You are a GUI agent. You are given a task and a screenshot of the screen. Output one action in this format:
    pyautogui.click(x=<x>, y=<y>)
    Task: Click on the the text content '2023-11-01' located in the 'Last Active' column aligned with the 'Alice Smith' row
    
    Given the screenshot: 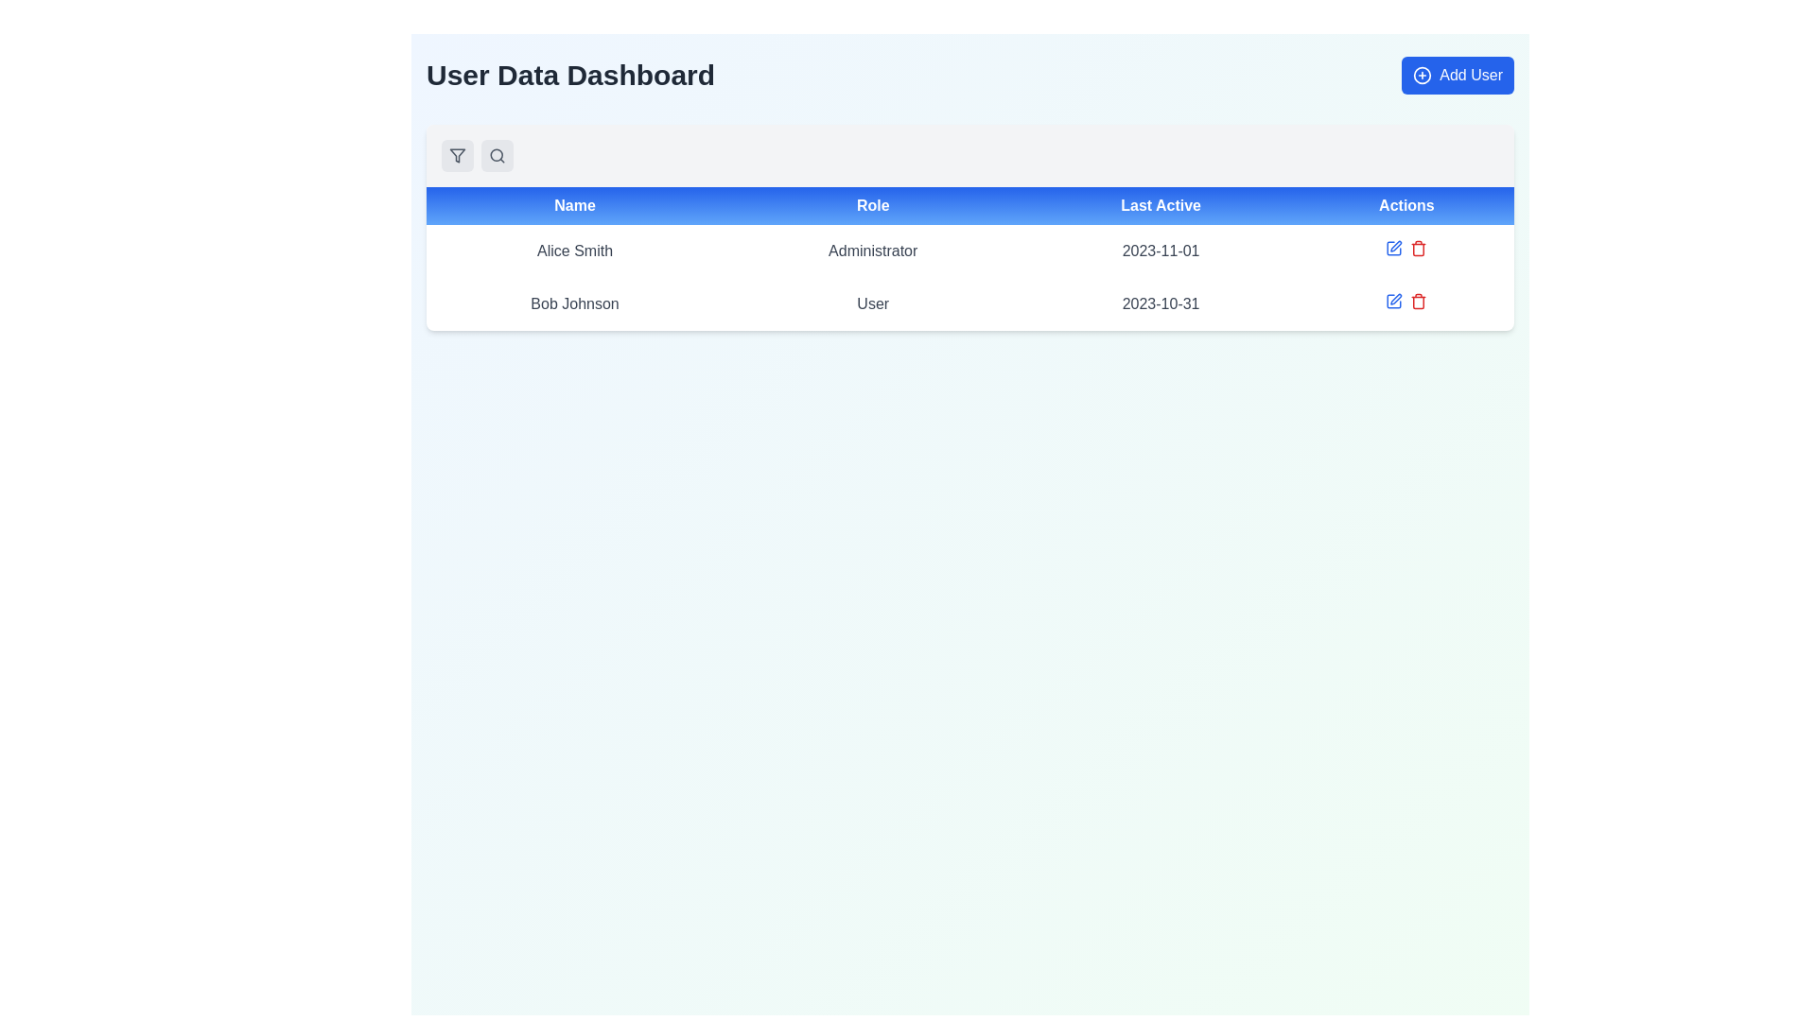 What is the action you would take?
    pyautogui.click(x=1160, y=251)
    